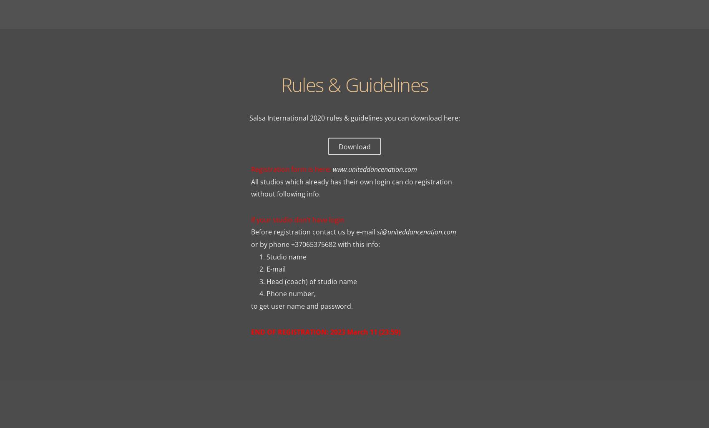 This screenshot has height=428, width=709. I want to click on '4. Phone number,', so click(283, 293).